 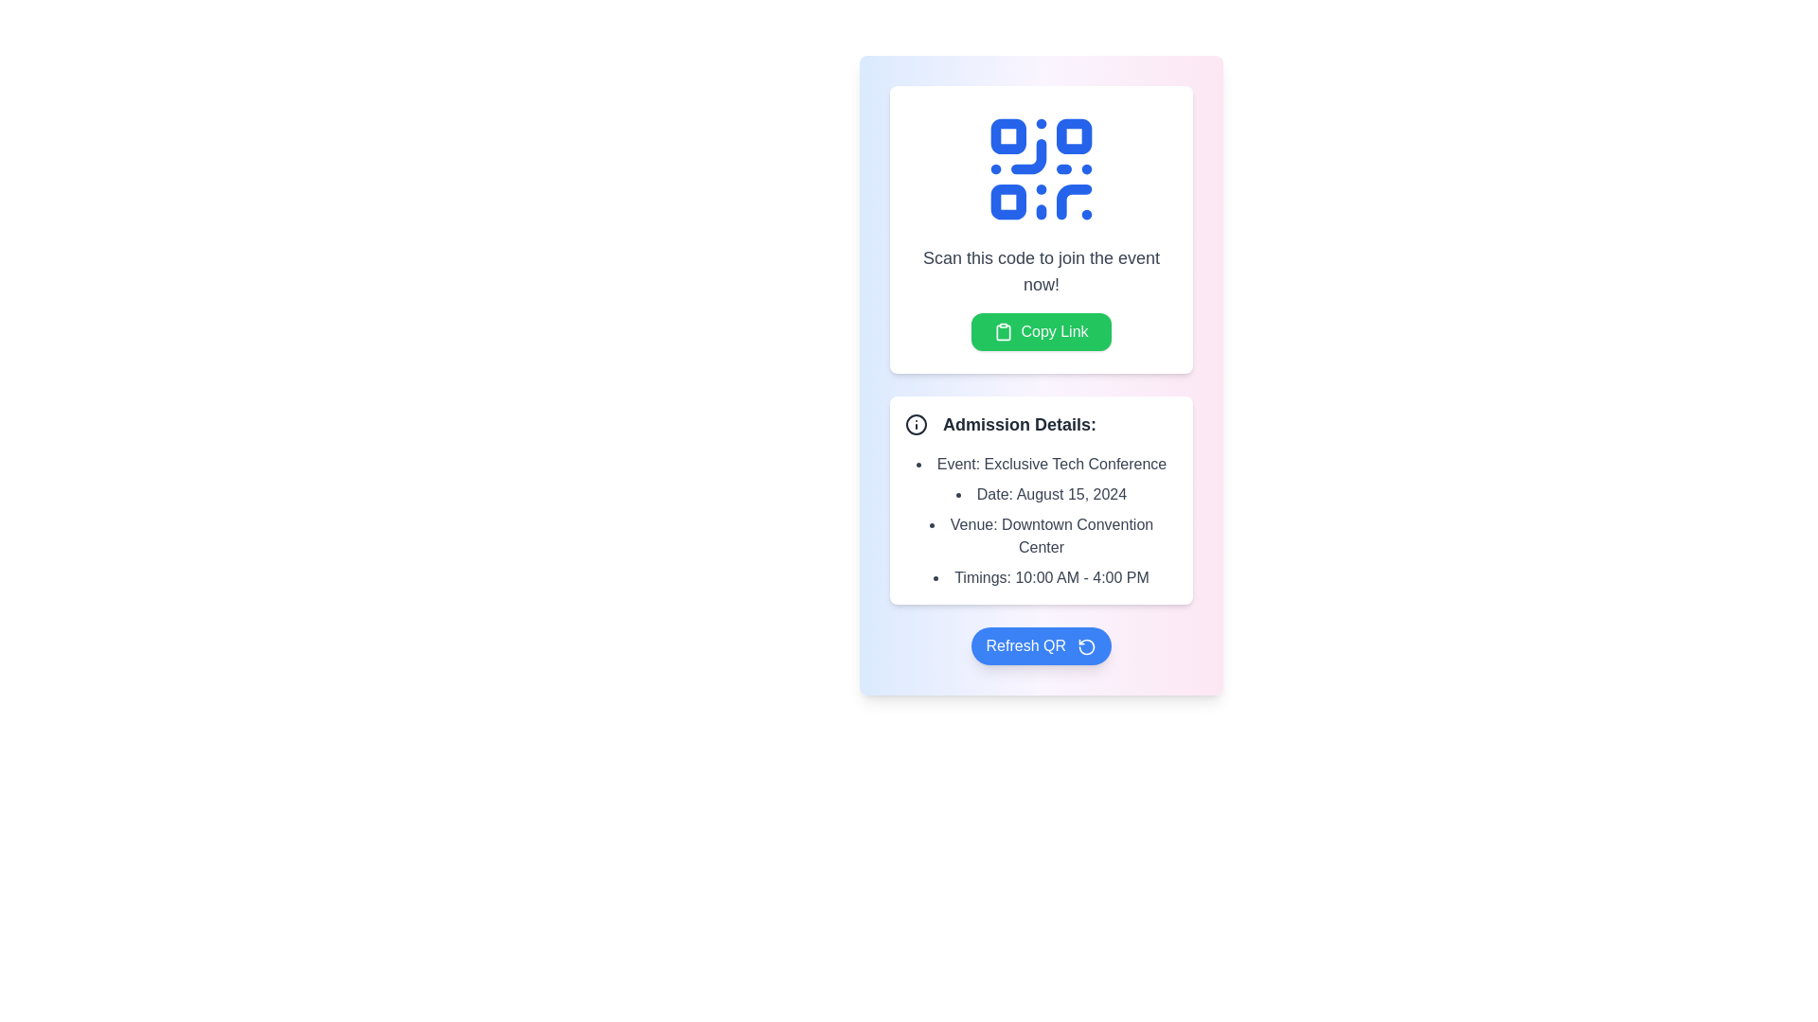 I want to click on the outer circle of the info icon located to the left of the 'Admission Details' heading, so click(x=917, y=423).